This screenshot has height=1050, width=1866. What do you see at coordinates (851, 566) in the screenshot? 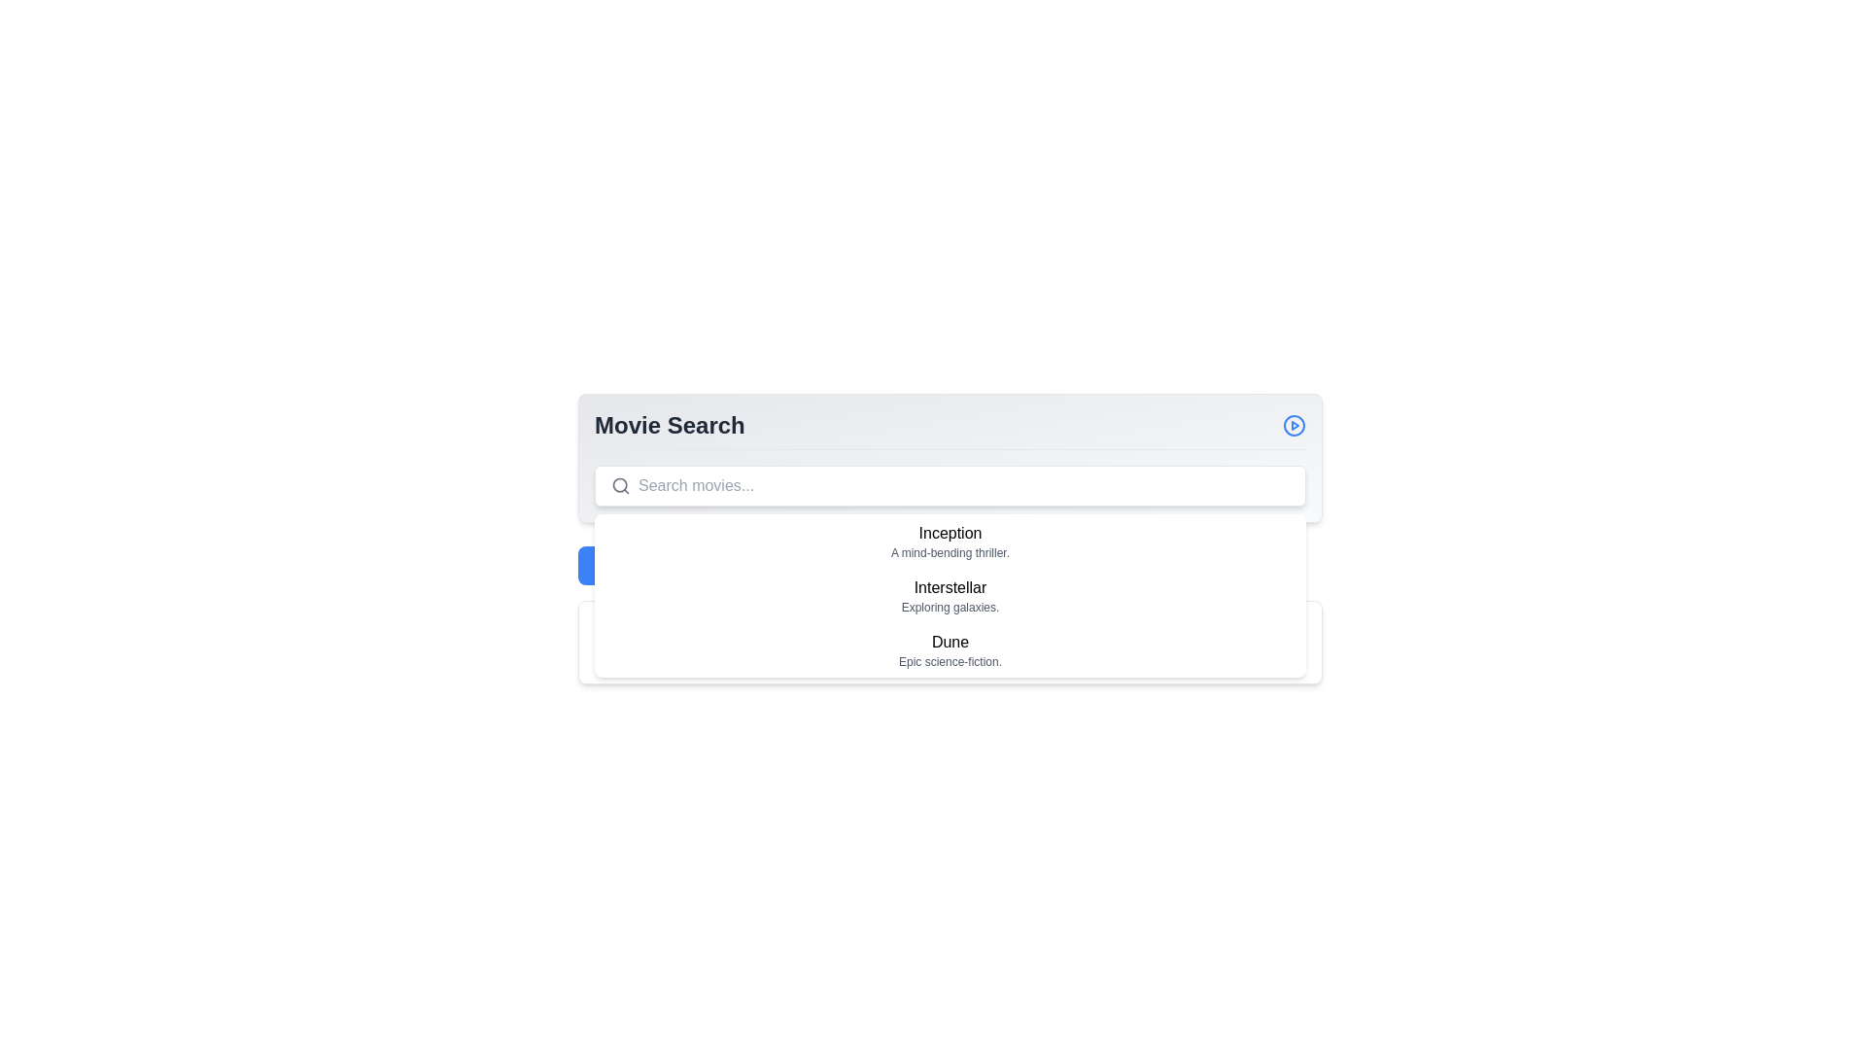
I see `the button for new releases, which is the third button in a horizontal group located below the 'Popular' and 'Trending' buttons` at bounding box center [851, 566].